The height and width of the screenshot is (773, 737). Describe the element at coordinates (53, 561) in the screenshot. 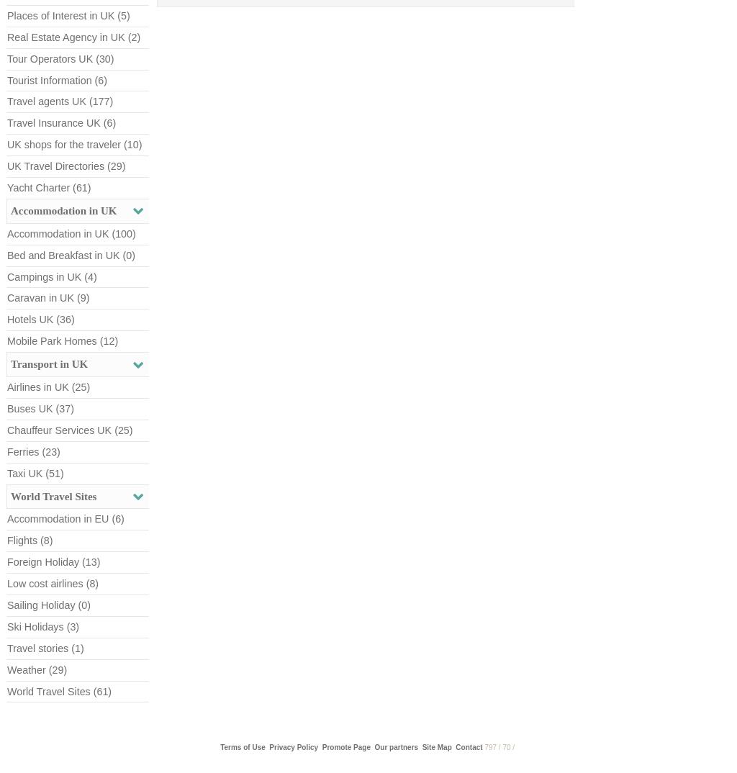

I see `'Foreign Holiday (13)'` at that location.